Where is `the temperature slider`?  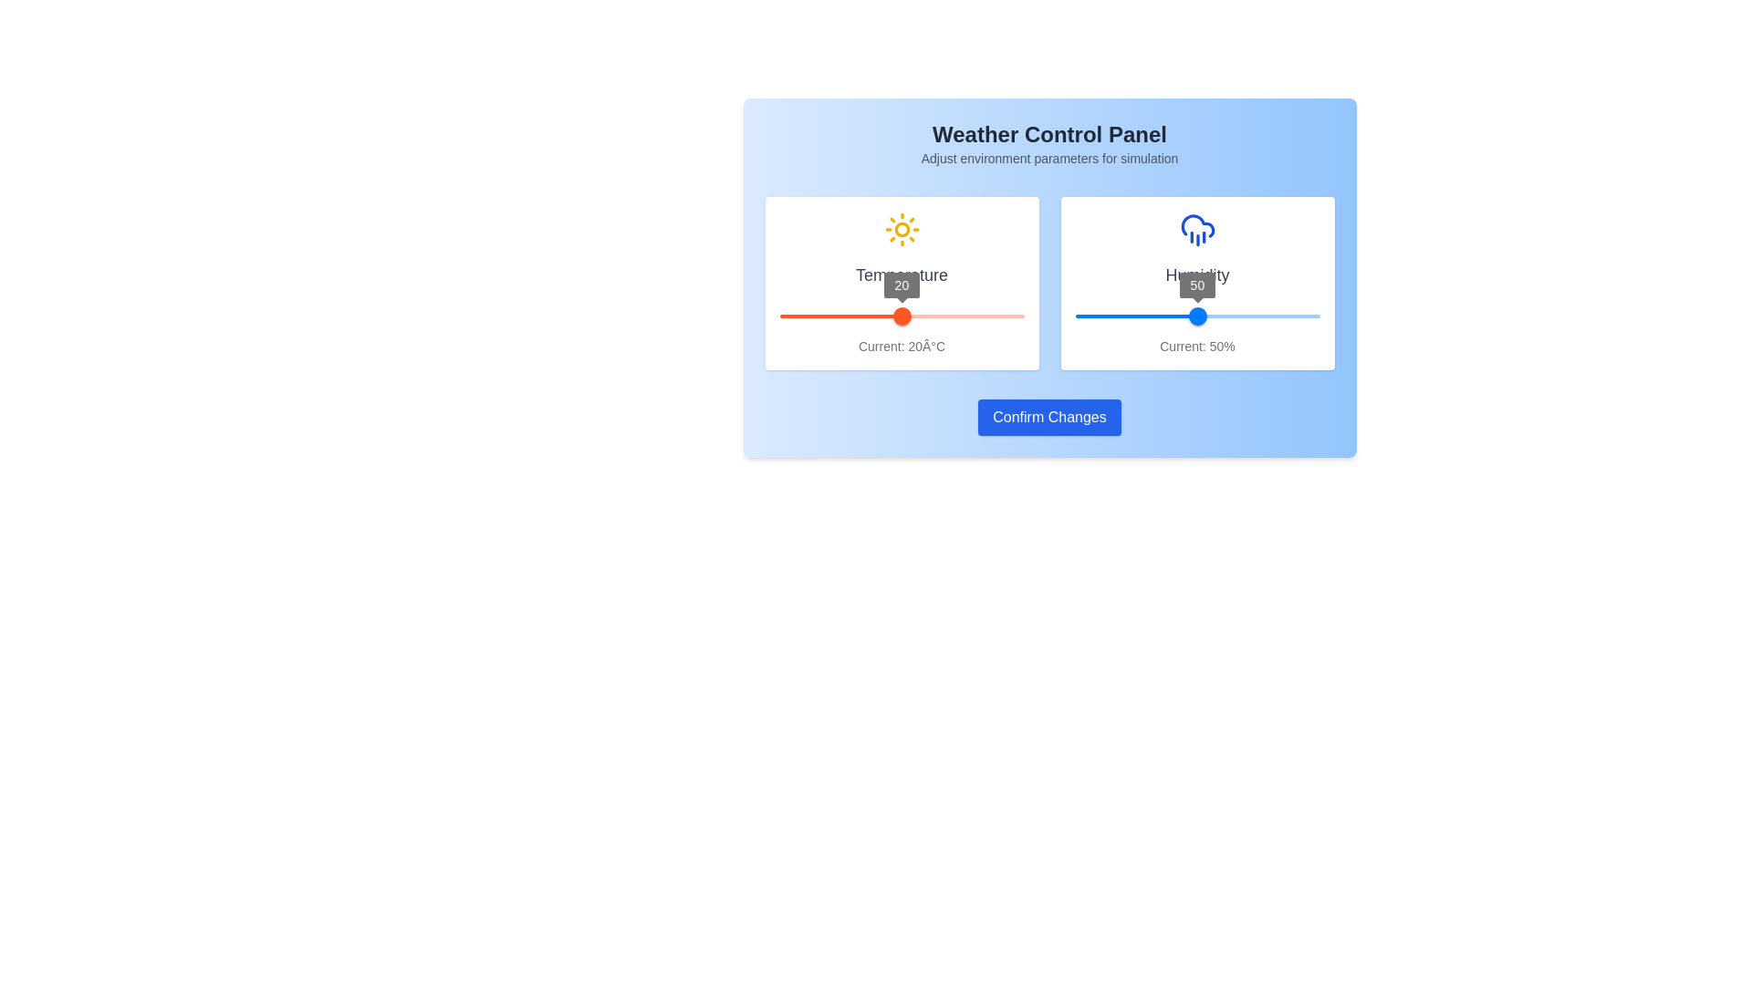
the temperature slider is located at coordinates (1001, 316).